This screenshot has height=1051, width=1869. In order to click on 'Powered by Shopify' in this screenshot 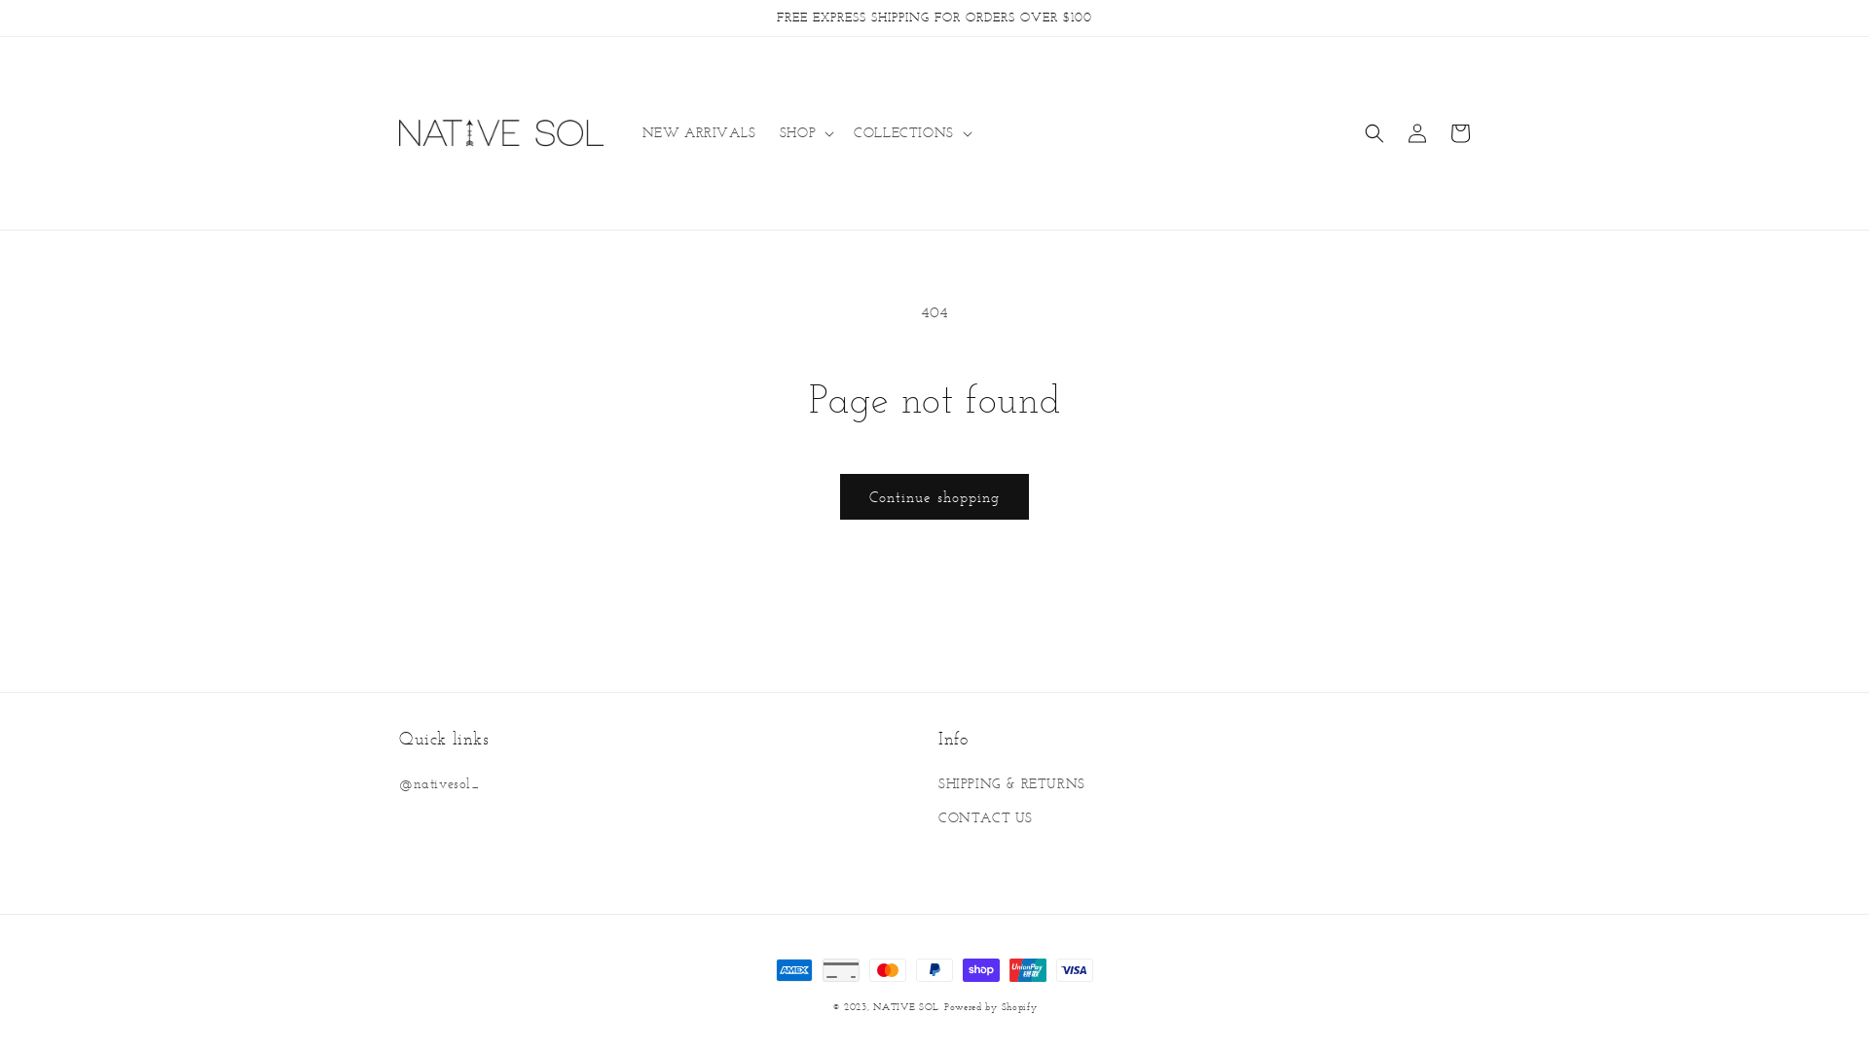, I will do `click(990, 1006)`.